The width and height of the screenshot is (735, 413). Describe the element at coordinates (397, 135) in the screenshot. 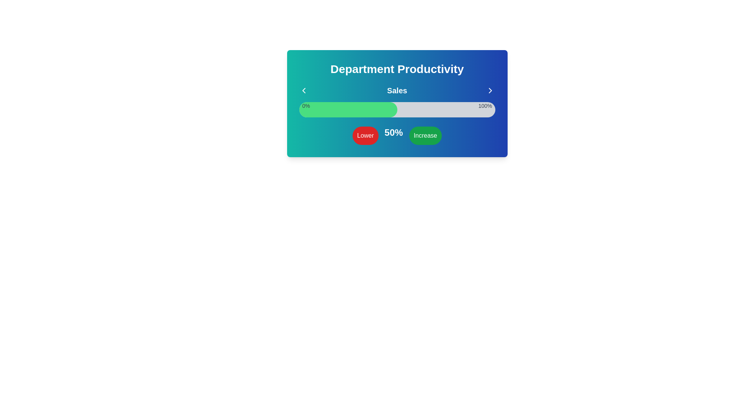

I see `the central text displaying '50%'` at that location.